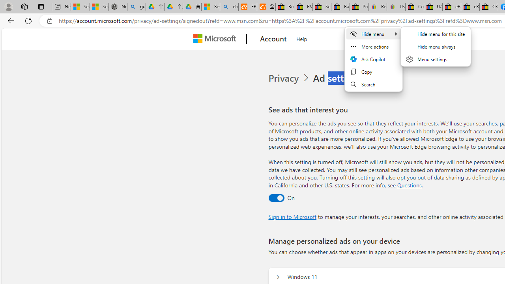 The height and width of the screenshot is (284, 505). I want to click on 'Privacy', so click(289, 78).